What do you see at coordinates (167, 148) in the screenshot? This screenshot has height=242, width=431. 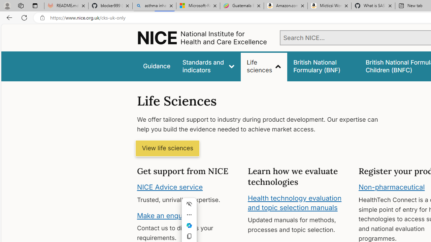 I see `'View life sciences'` at bounding box center [167, 148].